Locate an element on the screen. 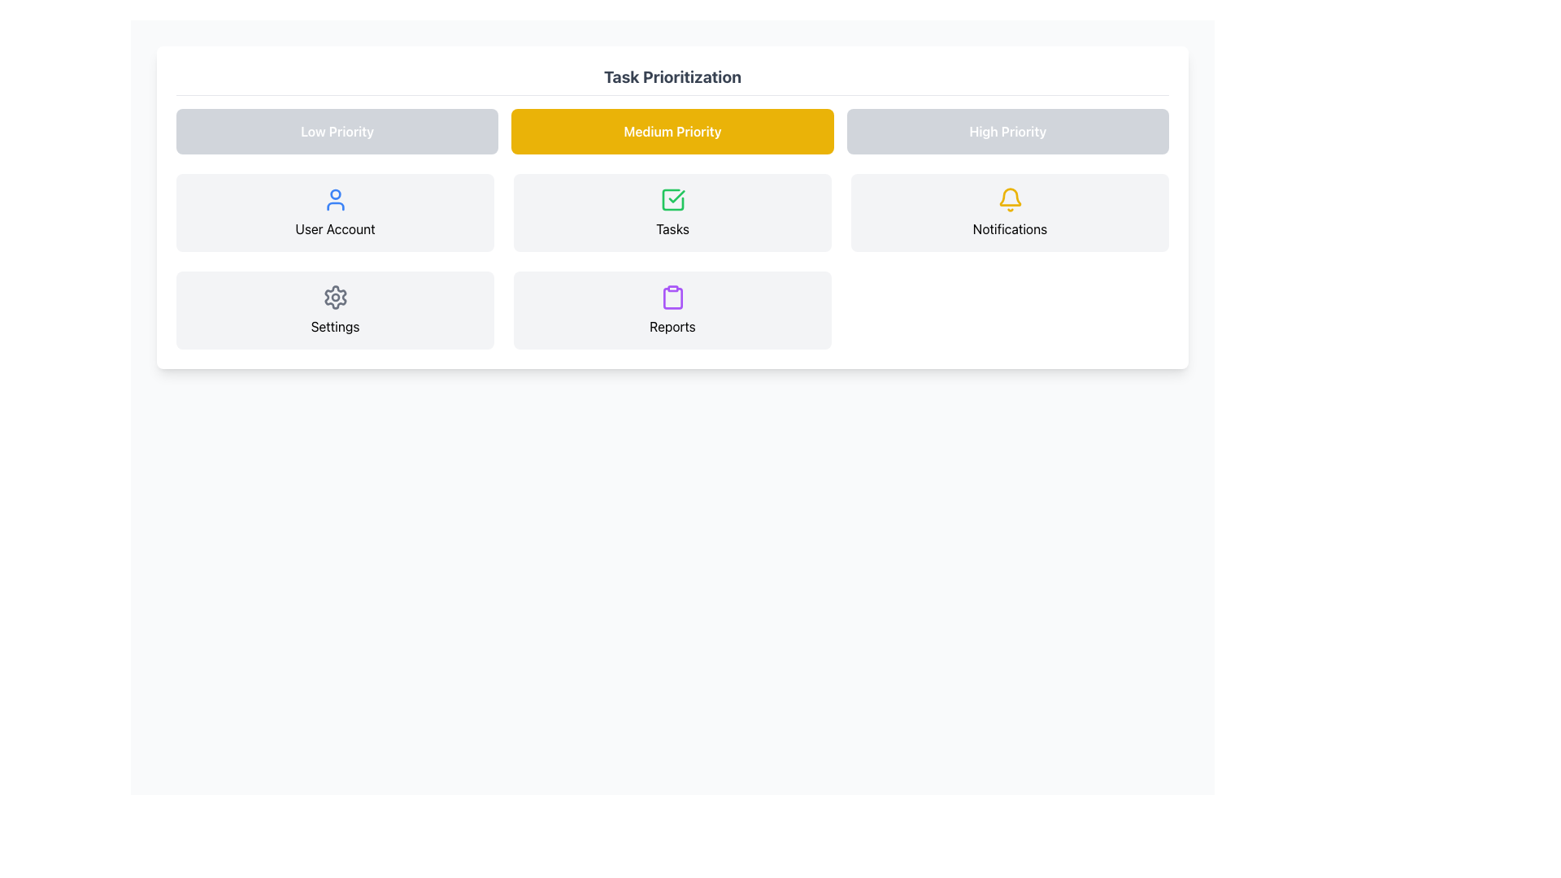 The width and height of the screenshot is (1561, 878). the yellow bell-shaped notification icon located in the top-right corner of the 'Notifications' card is located at coordinates (1009, 199).